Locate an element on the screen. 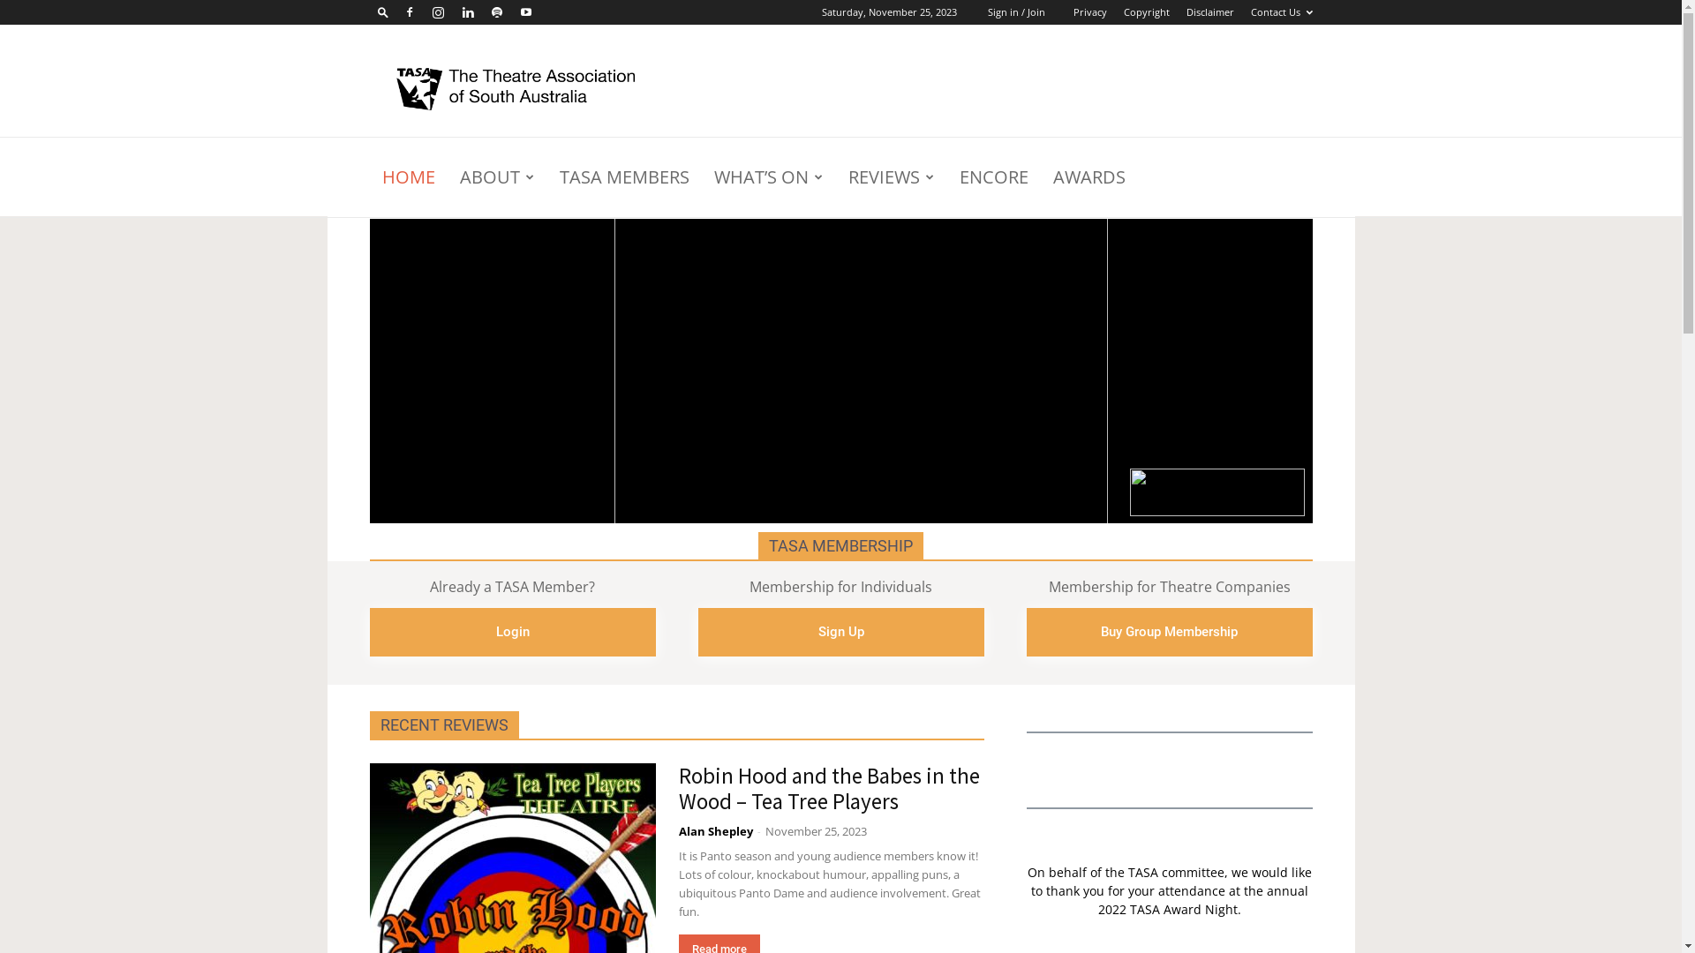 This screenshot has width=1695, height=953. 'Instagram' is located at coordinates (439, 12).